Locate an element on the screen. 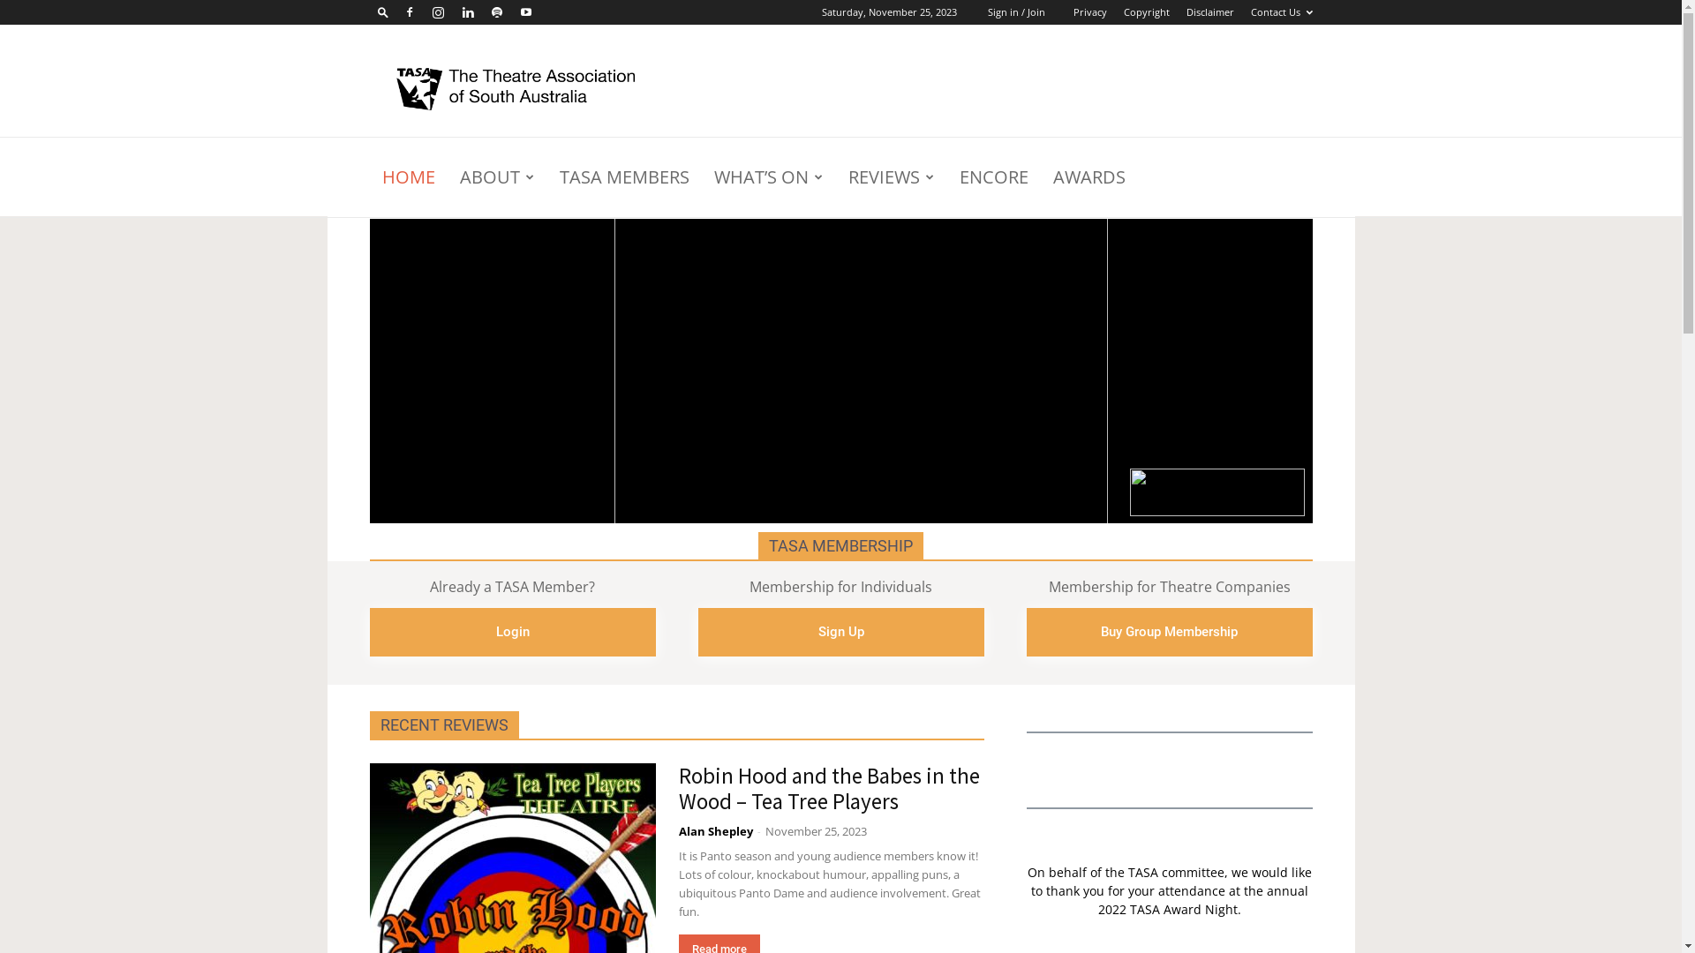 This screenshot has width=1695, height=953. 'Instagram' is located at coordinates (439, 12).